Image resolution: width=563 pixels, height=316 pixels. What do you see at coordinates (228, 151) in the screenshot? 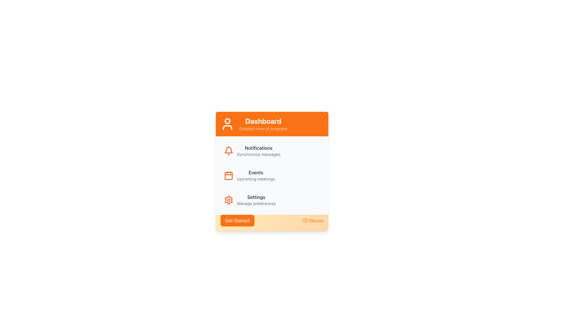
I see `the orange bell-shaped icon located to the left of the 'Notifications' label in the vertical list of icons` at bounding box center [228, 151].